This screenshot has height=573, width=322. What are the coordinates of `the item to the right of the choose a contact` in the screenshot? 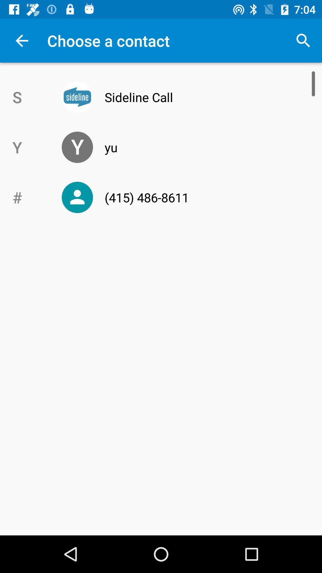 It's located at (303, 40).